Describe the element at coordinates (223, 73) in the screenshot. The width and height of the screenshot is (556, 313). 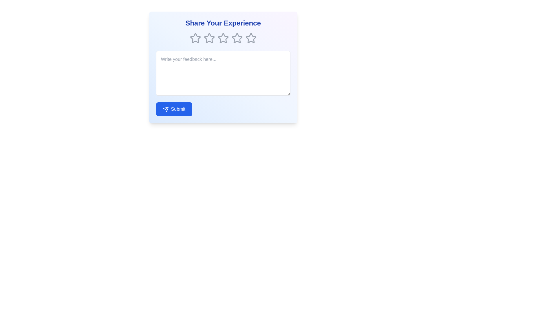
I see `the text area to focus and enter the feedback text` at that location.